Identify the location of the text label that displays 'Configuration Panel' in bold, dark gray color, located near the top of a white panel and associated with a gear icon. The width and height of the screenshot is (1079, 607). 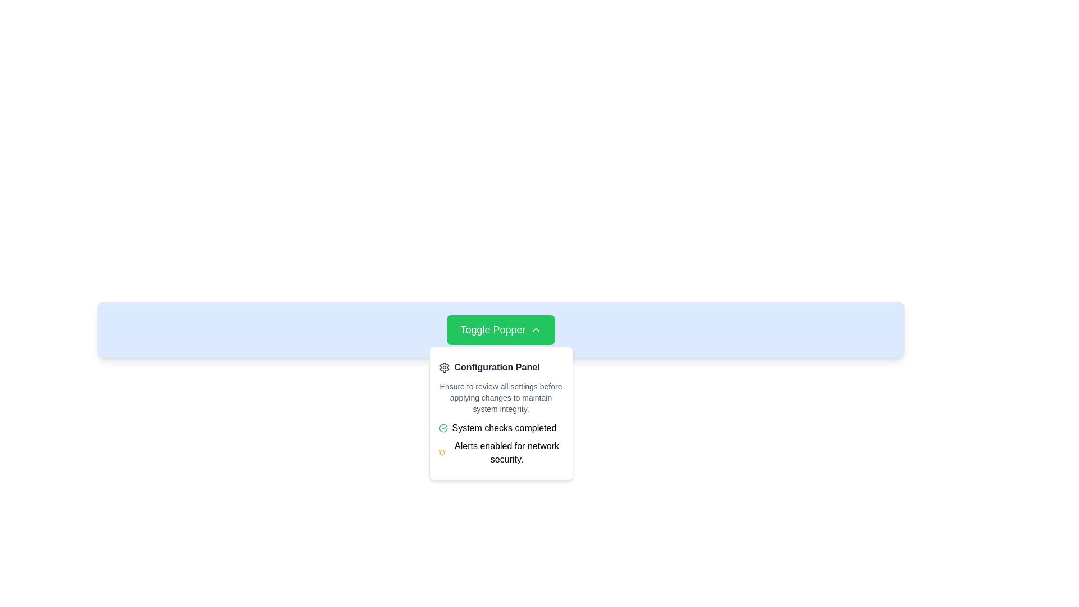
(496, 368).